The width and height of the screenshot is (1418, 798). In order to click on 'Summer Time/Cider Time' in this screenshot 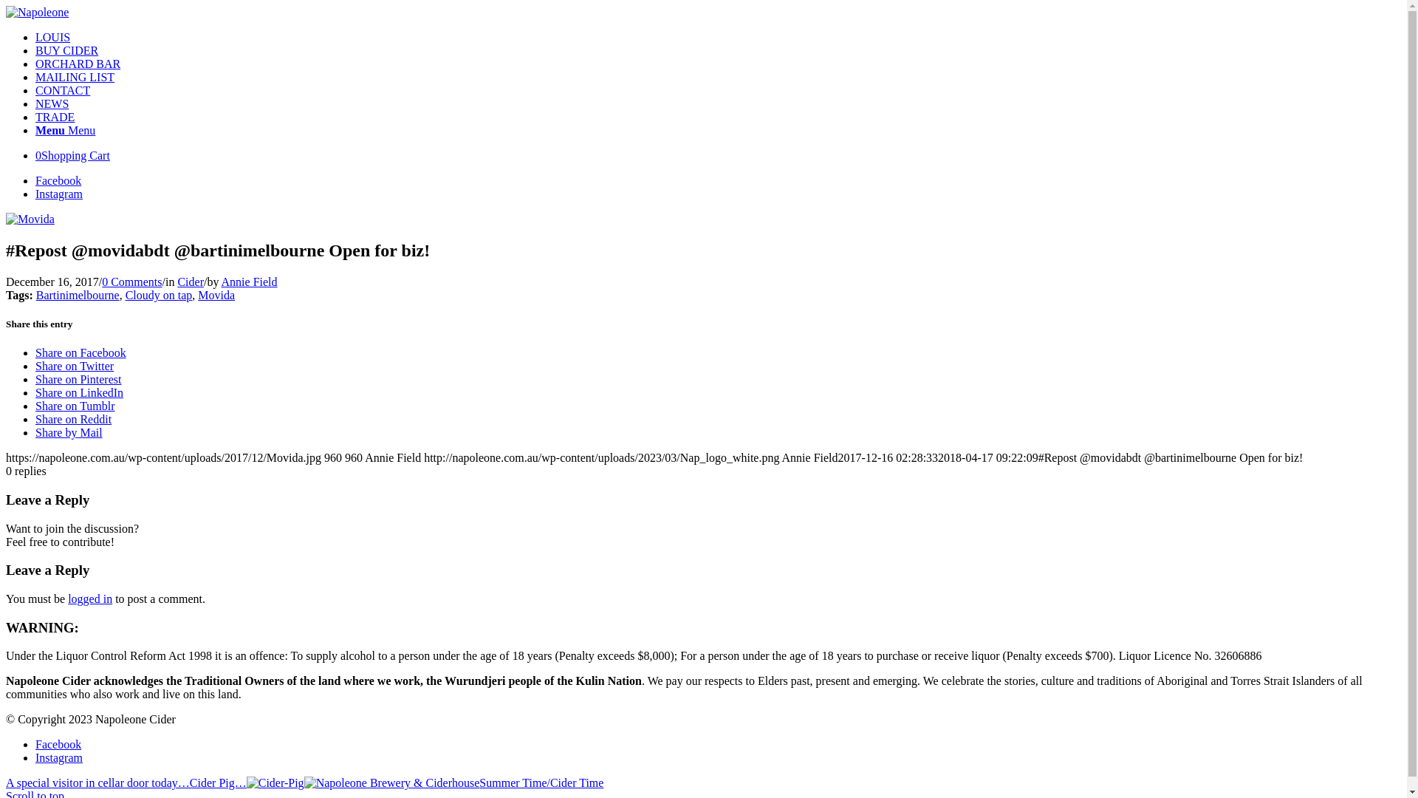, I will do `click(453, 782)`.